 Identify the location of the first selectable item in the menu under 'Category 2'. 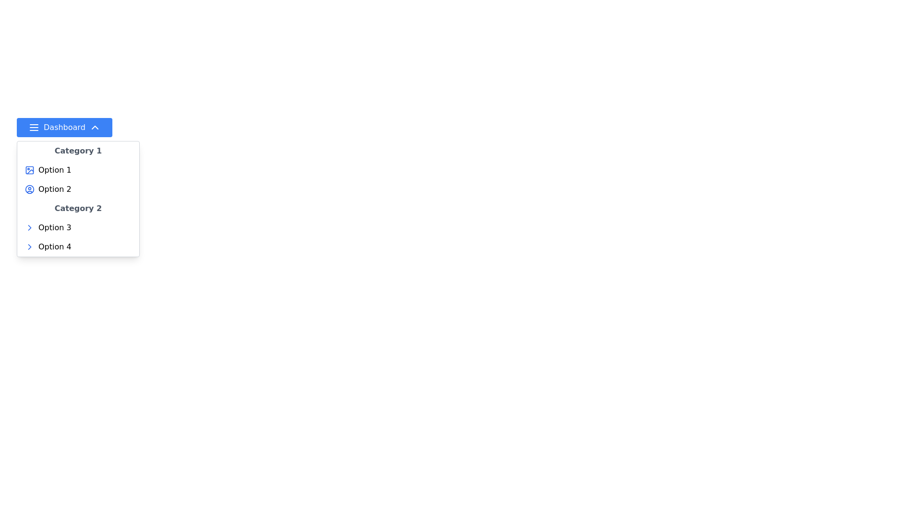
(78, 227).